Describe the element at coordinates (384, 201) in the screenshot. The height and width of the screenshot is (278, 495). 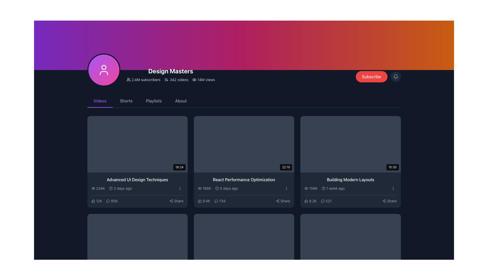
I see `the SVG share icon graphic located in the bottom-right corner of the 'Share' button for the 'Building Modern Layouts' video` at that location.